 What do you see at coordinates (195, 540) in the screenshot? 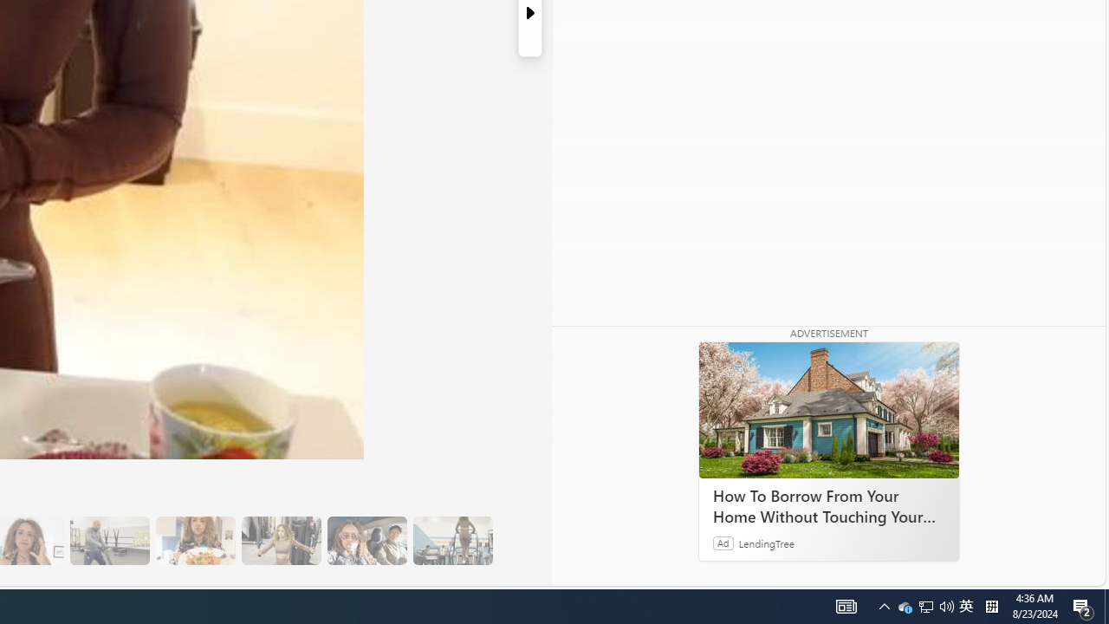
I see `'14 They Have Salmon and Veggies for Dinner'` at bounding box center [195, 540].